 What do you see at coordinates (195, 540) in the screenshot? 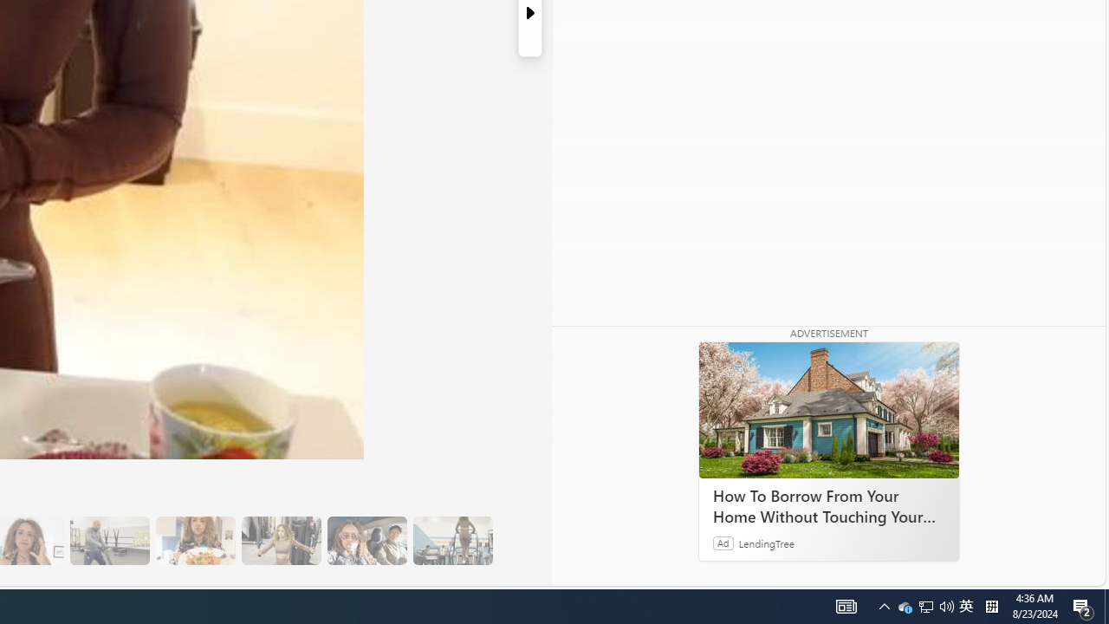
I see `'14 They Have Salmon and Veggies for Dinner'` at bounding box center [195, 540].